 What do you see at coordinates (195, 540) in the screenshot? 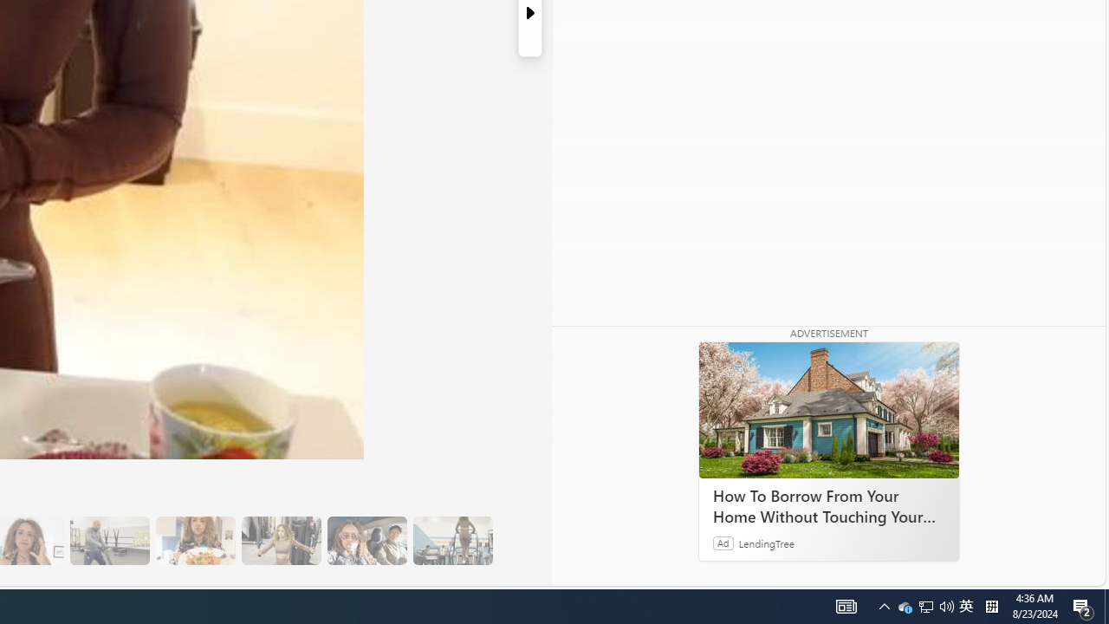
I see `'14 They Have Salmon and Veggies for Dinner'` at bounding box center [195, 540].